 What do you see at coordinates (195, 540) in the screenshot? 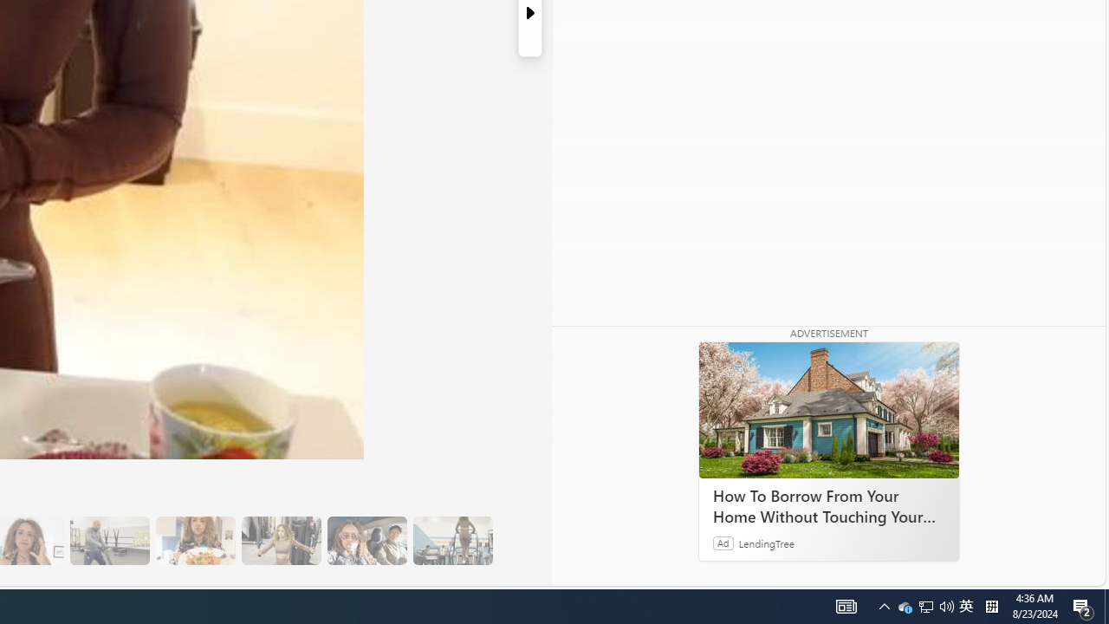
I see `'14 They Have Salmon and Veggies for Dinner'` at bounding box center [195, 540].